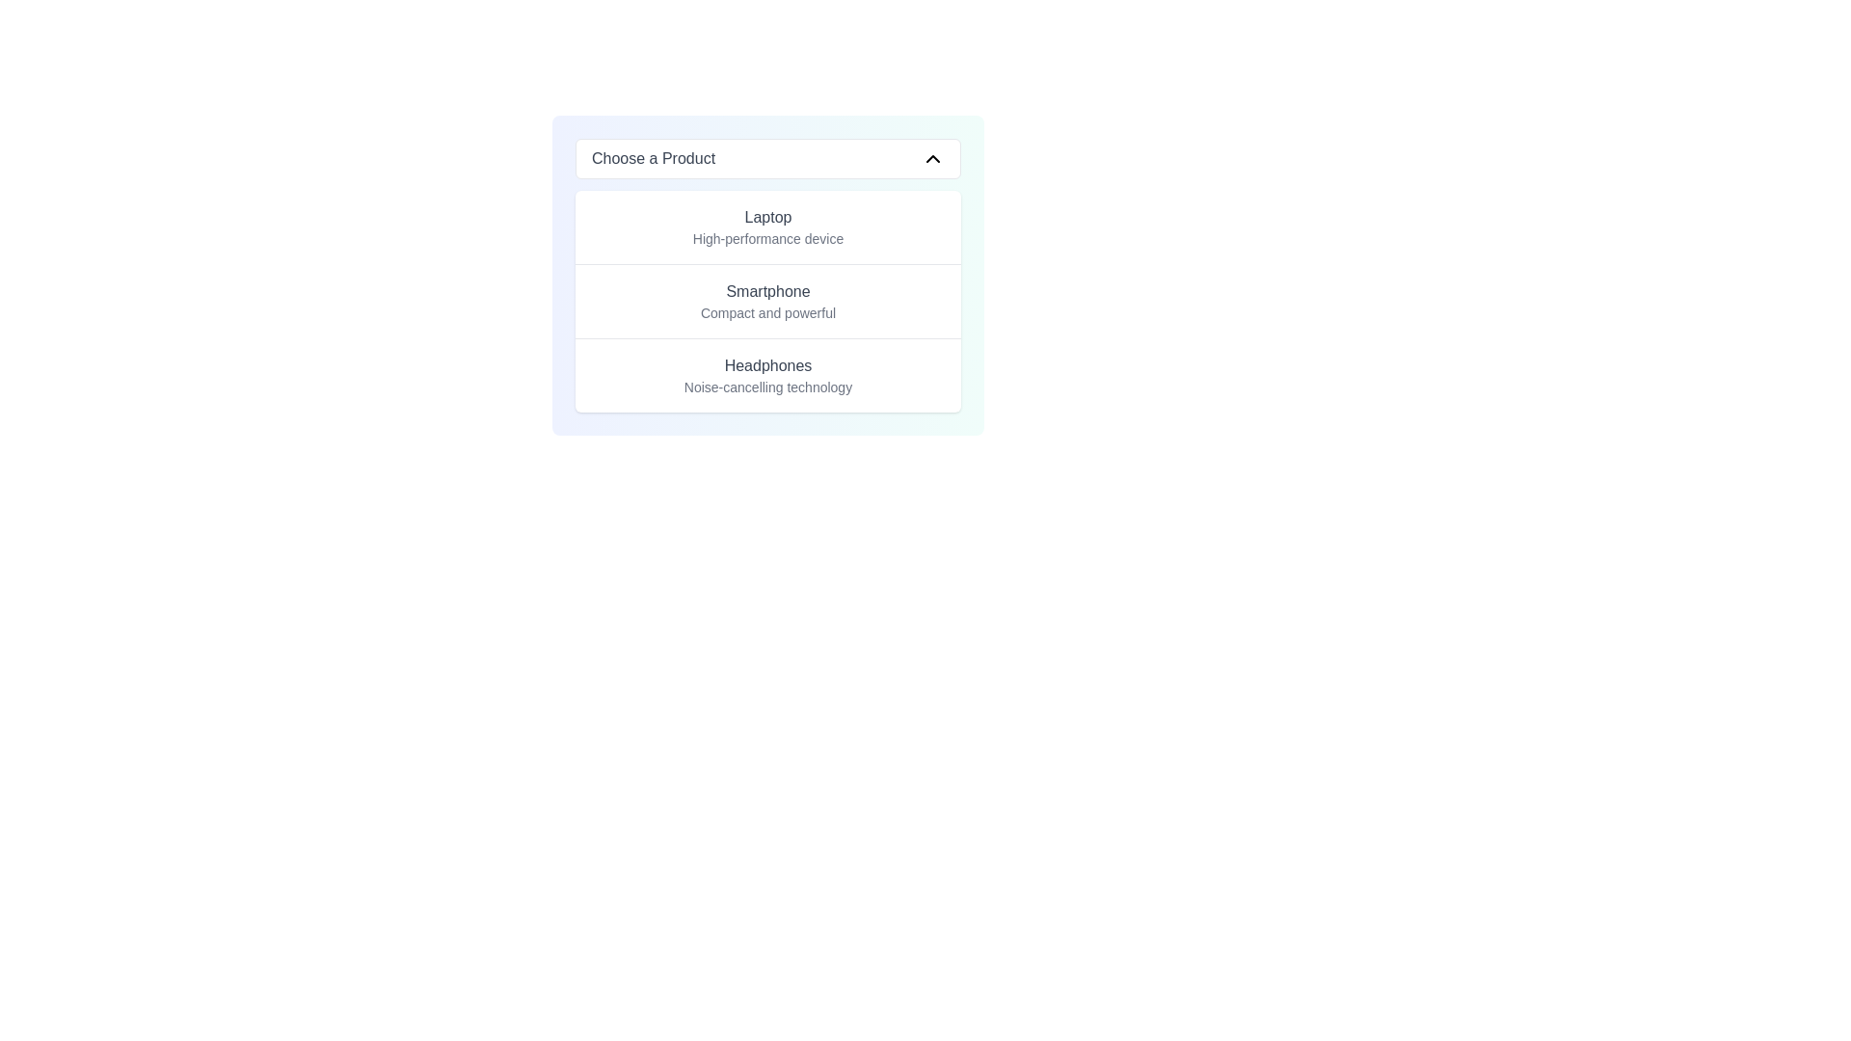  Describe the element at coordinates (766, 158) in the screenshot. I see `the 'Choose a Product' dropdown menu trigger` at that location.